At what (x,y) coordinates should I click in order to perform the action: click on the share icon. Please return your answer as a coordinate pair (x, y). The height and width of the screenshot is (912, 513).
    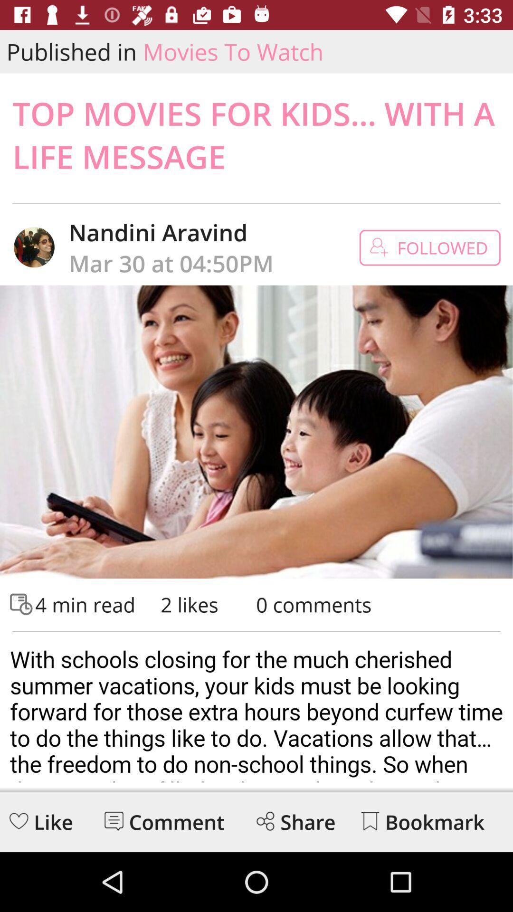
    Looking at the image, I should click on (265, 820).